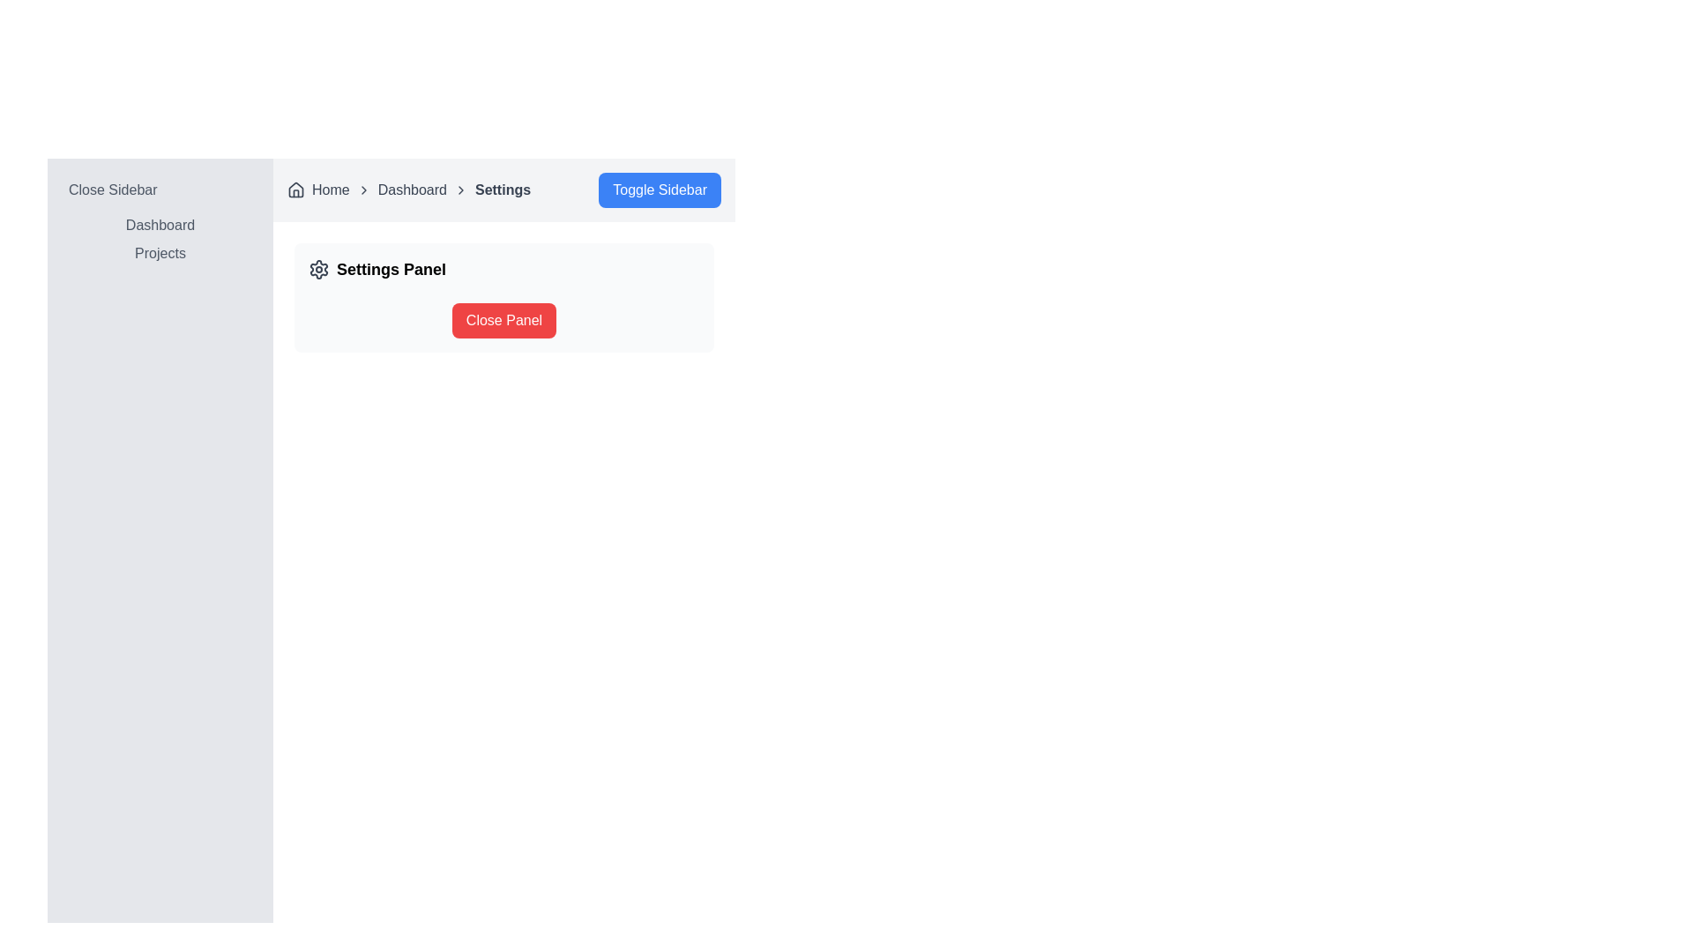 The height and width of the screenshot is (952, 1693). I want to click on the 'Close Panel' button, which is a rectangular button with rounded corners and a red background, so click(503, 320).